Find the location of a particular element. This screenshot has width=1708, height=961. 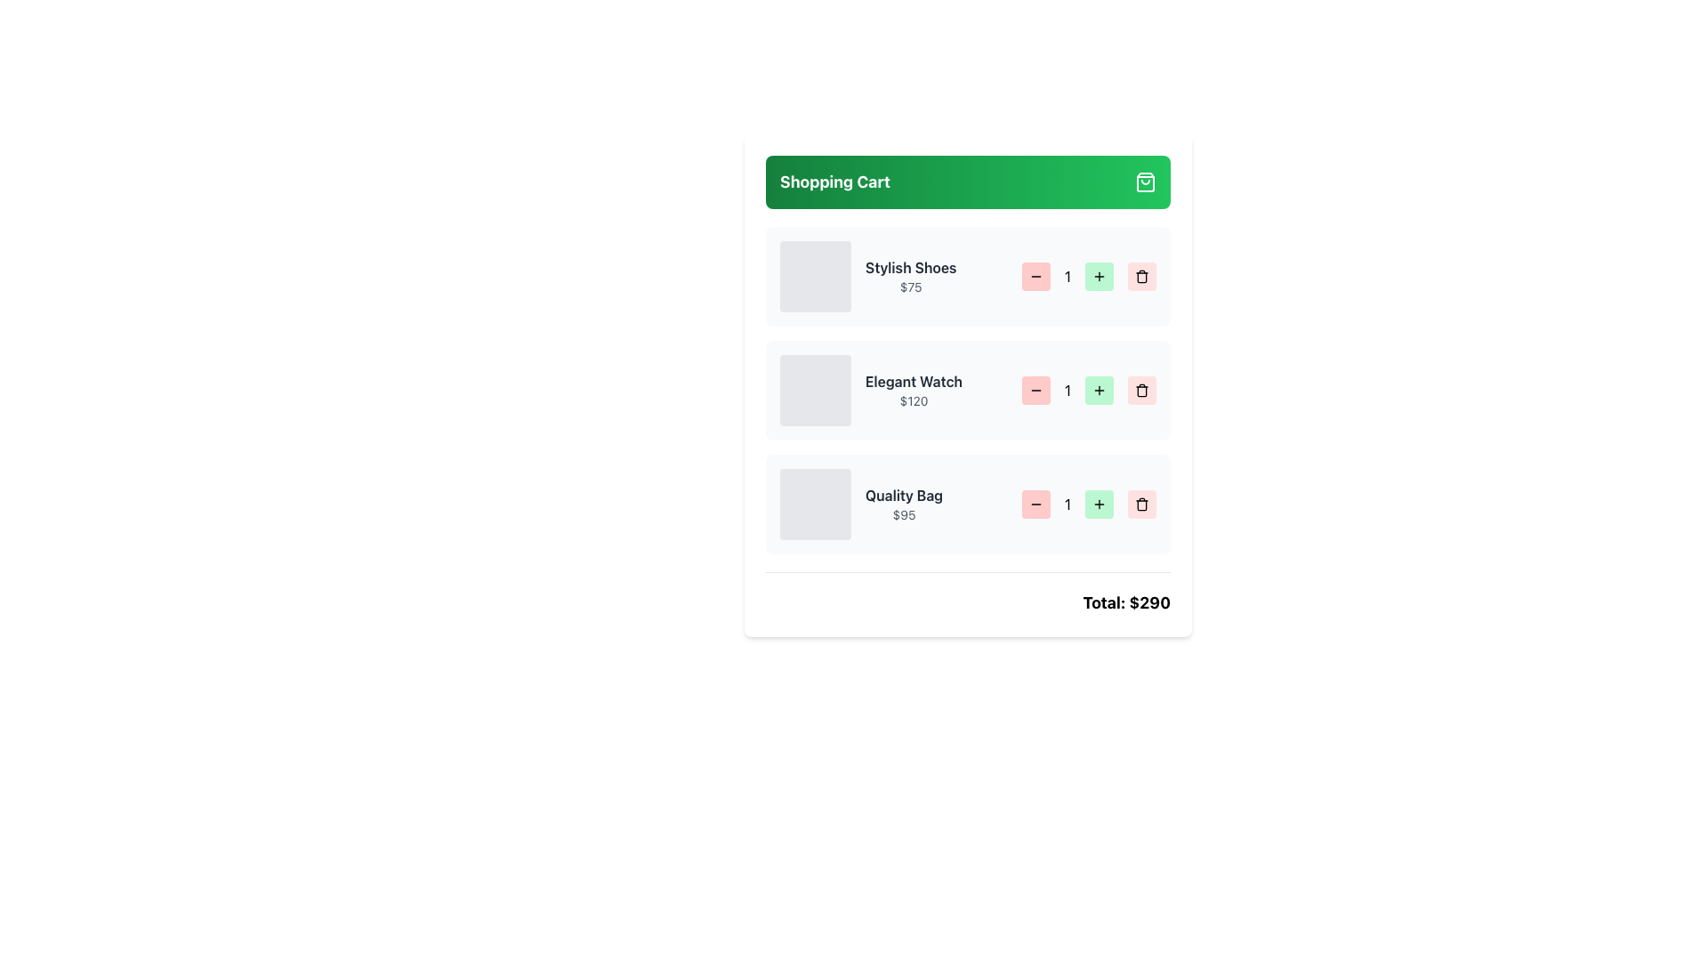

the shopping bag icon located at the far right of the green header bar in the 'Shopping Cart' section is located at coordinates (1145, 182).